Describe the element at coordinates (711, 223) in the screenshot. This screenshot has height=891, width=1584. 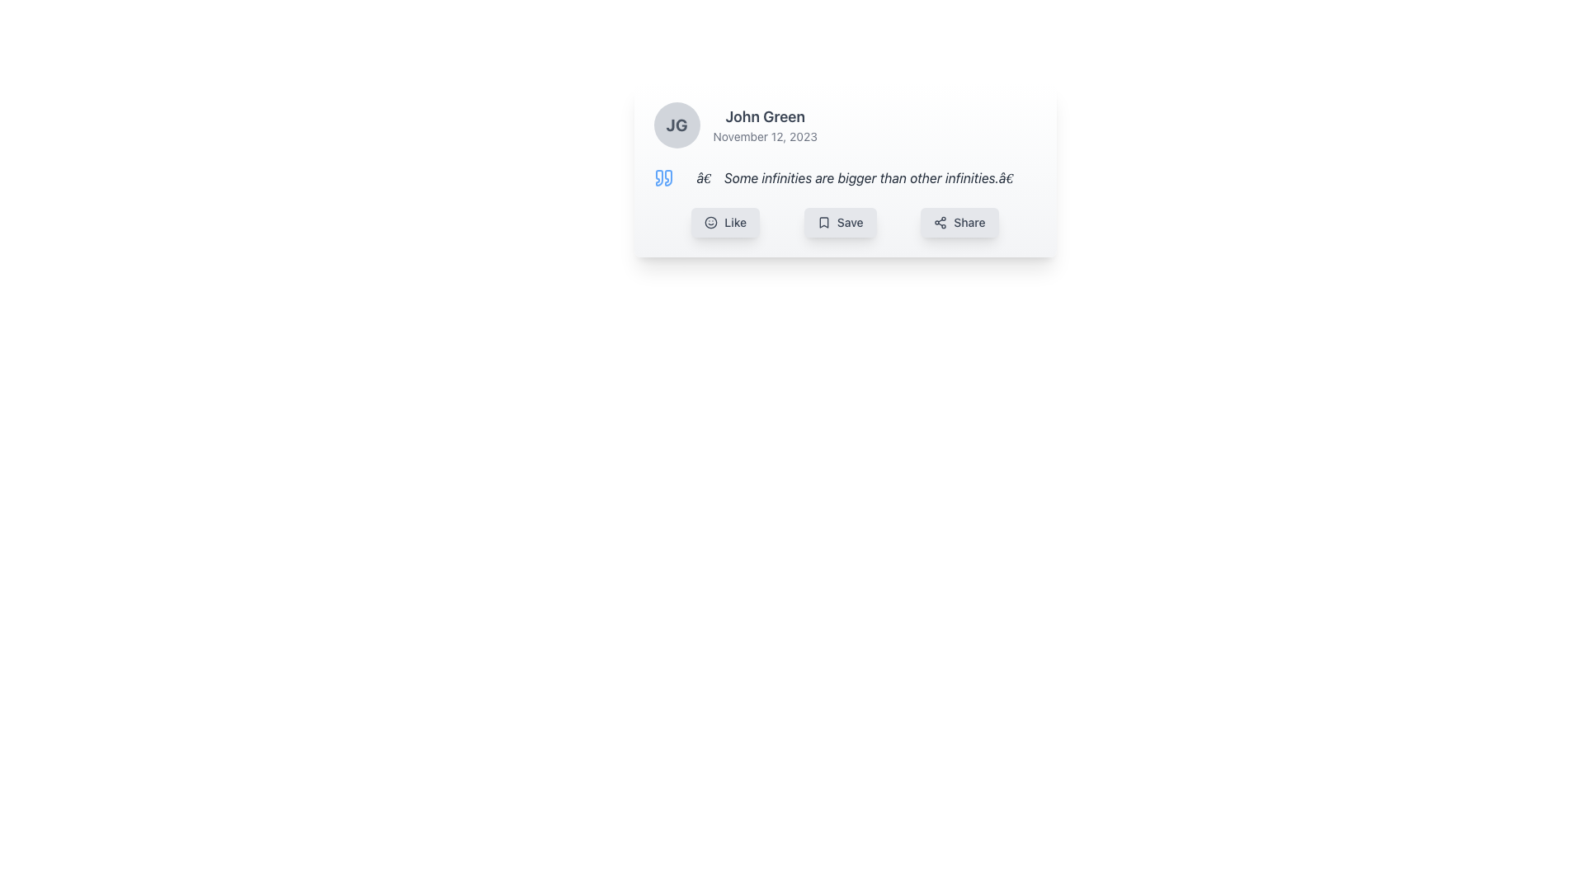
I see `the central circular vector graphic within the smiley face SVG icon, part of the 'Like' button located below the quote in the card` at that location.